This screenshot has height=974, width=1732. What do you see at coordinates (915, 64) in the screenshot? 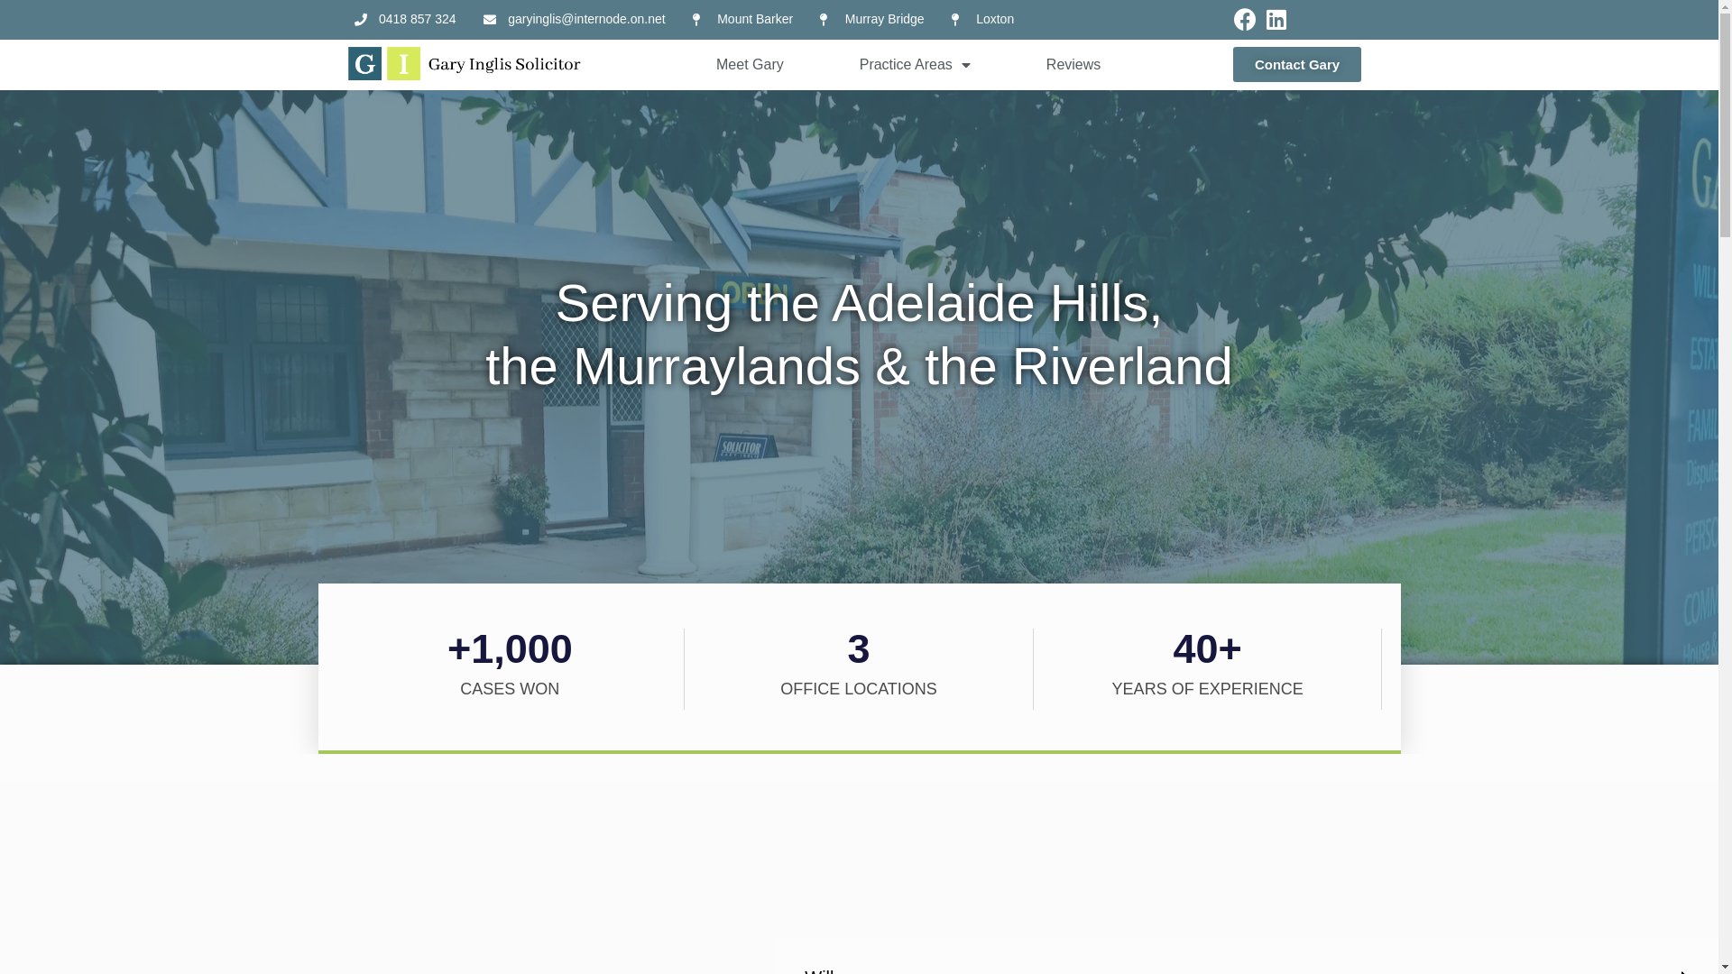
I see `'Practice Areas'` at bounding box center [915, 64].